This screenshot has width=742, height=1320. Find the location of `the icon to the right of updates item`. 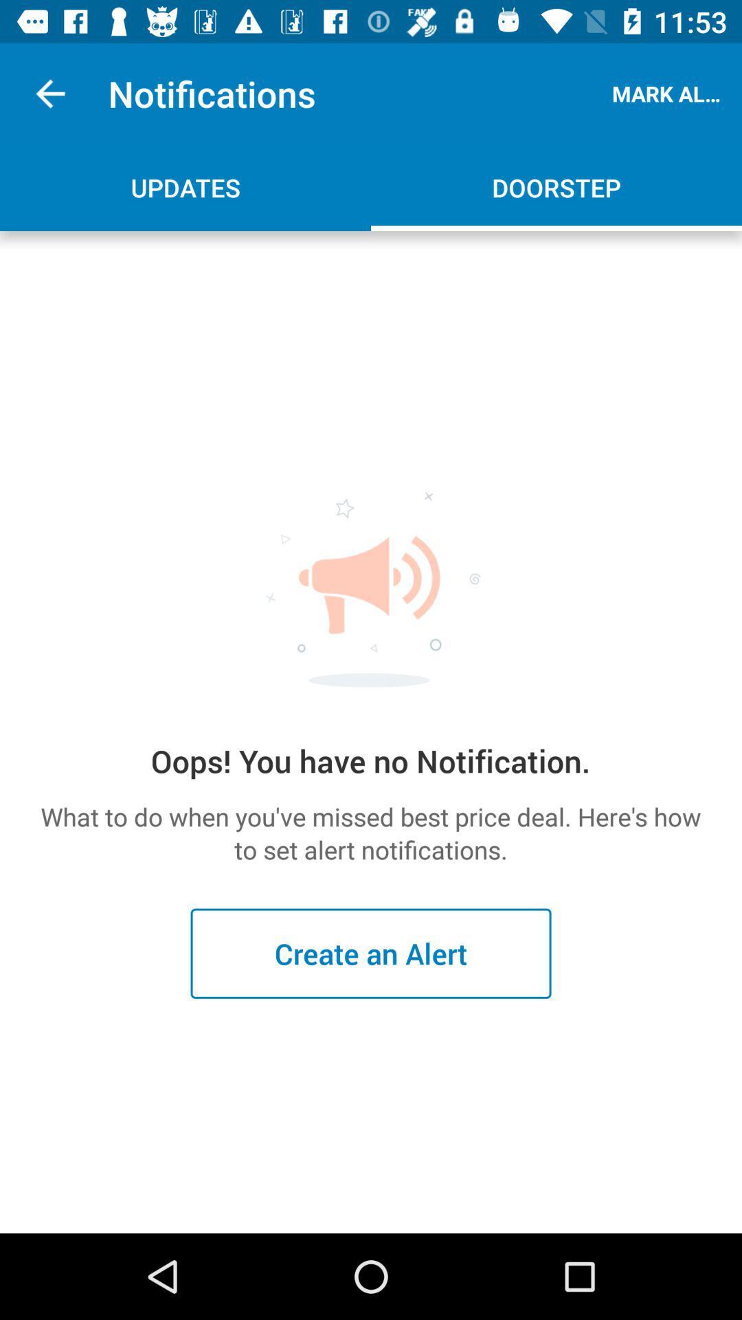

the icon to the right of updates item is located at coordinates (556, 187).